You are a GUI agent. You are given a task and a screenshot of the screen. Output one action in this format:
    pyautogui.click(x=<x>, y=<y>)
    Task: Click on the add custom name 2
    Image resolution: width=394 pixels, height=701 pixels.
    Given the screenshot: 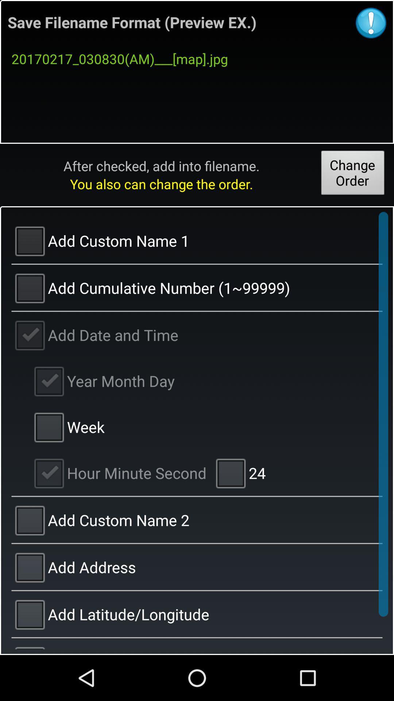 What is the action you would take?
    pyautogui.click(x=197, y=520)
    